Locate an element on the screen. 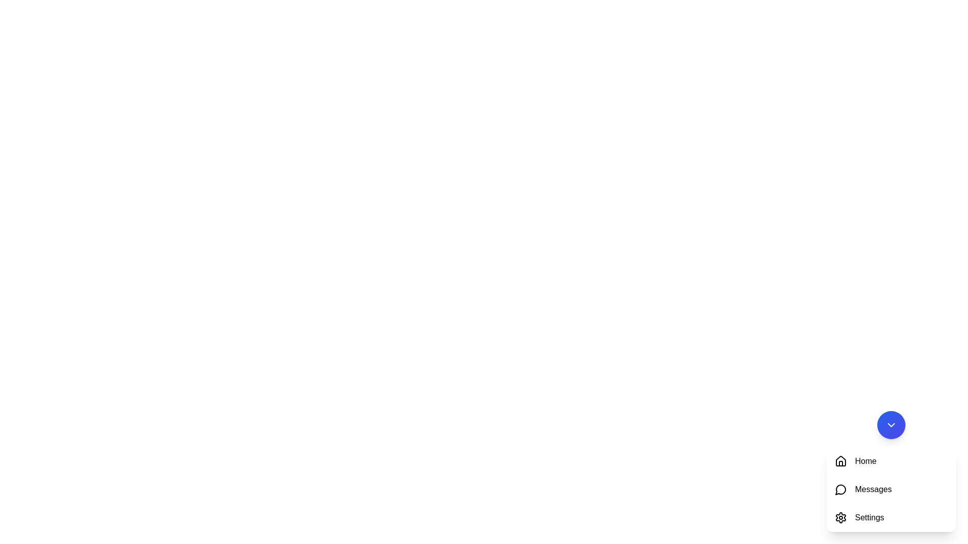 This screenshot has width=968, height=544. the gear-shaped icon representing settings, located next to the text labeled 'Settings', to trigger hover effects is located at coordinates (841, 518).